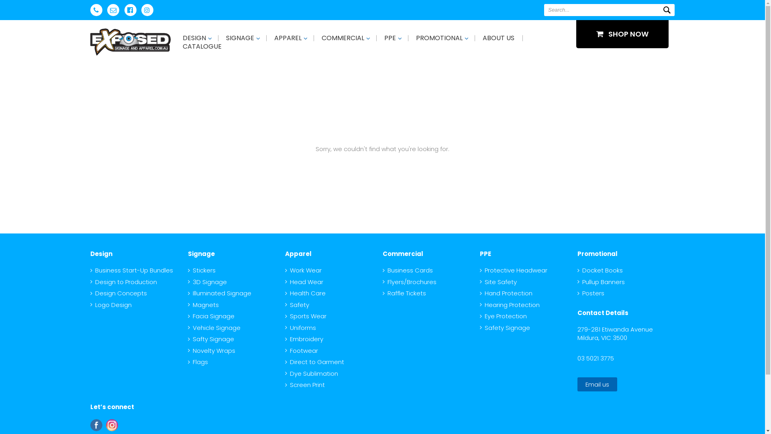 The width and height of the screenshot is (771, 434). I want to click on 'SHOP NOW', so click(622, 33).